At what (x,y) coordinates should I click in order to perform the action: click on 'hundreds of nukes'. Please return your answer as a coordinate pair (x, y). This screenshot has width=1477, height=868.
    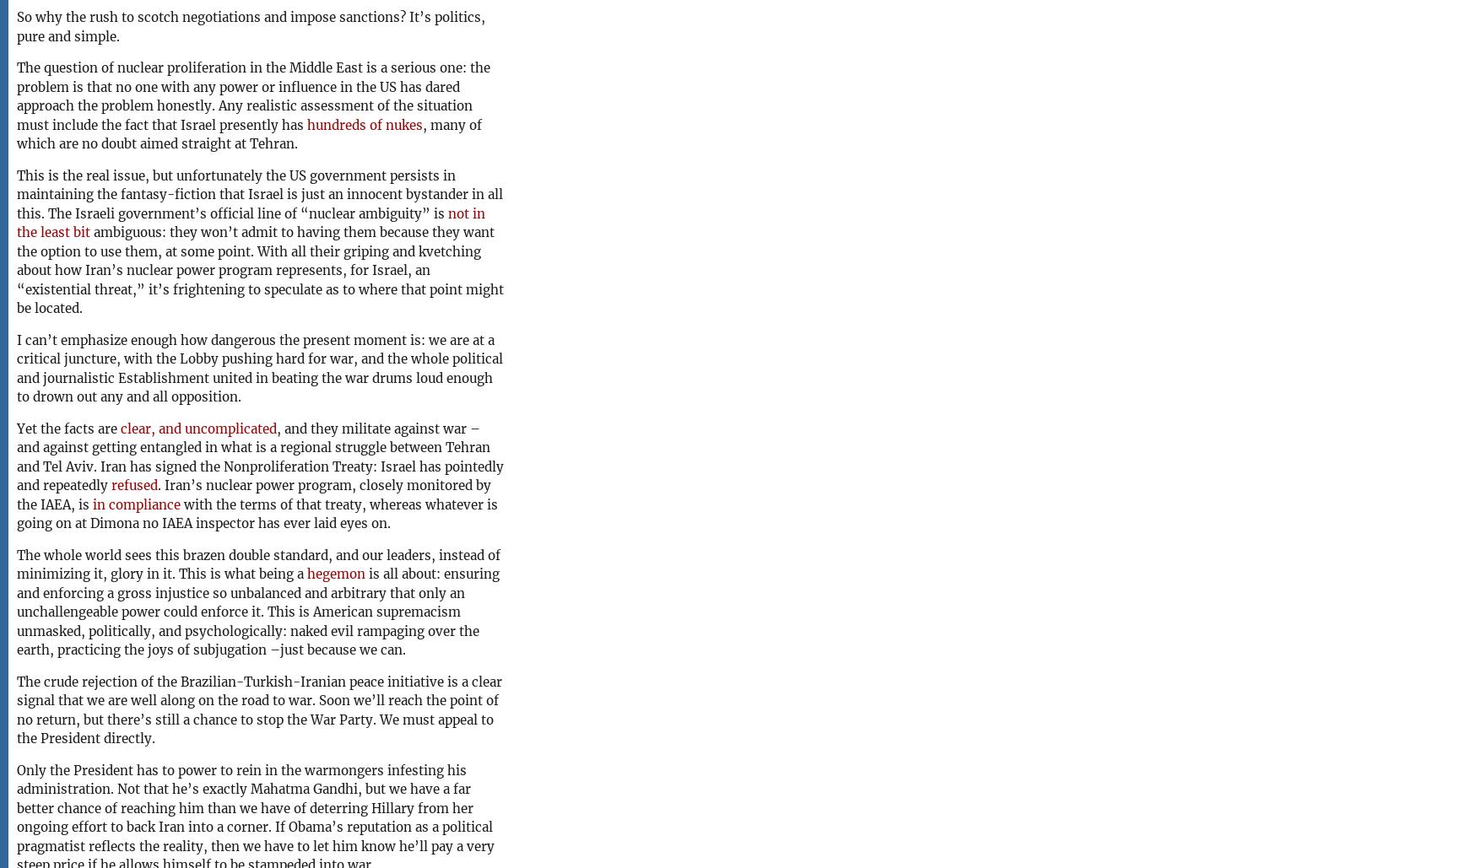
    Looking at the image, I should click on (364, 124).